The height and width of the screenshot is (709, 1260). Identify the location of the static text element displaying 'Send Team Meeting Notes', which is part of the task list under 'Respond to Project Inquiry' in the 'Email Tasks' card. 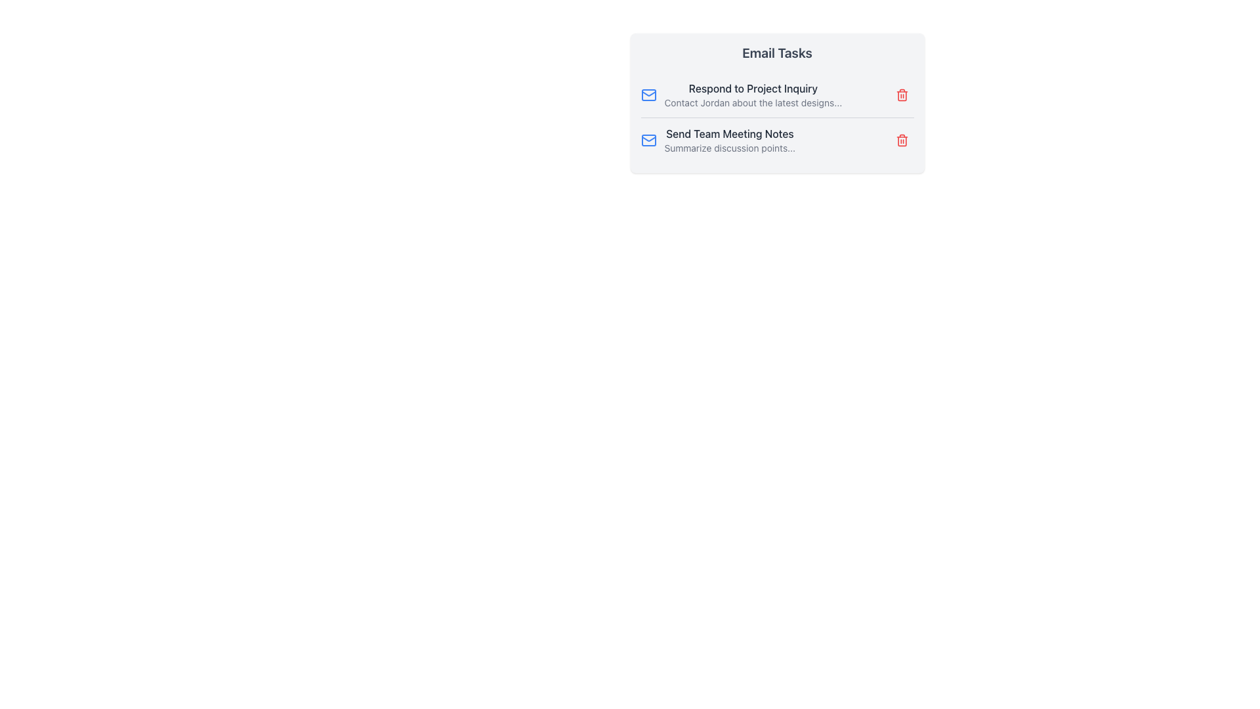
(729, 134).